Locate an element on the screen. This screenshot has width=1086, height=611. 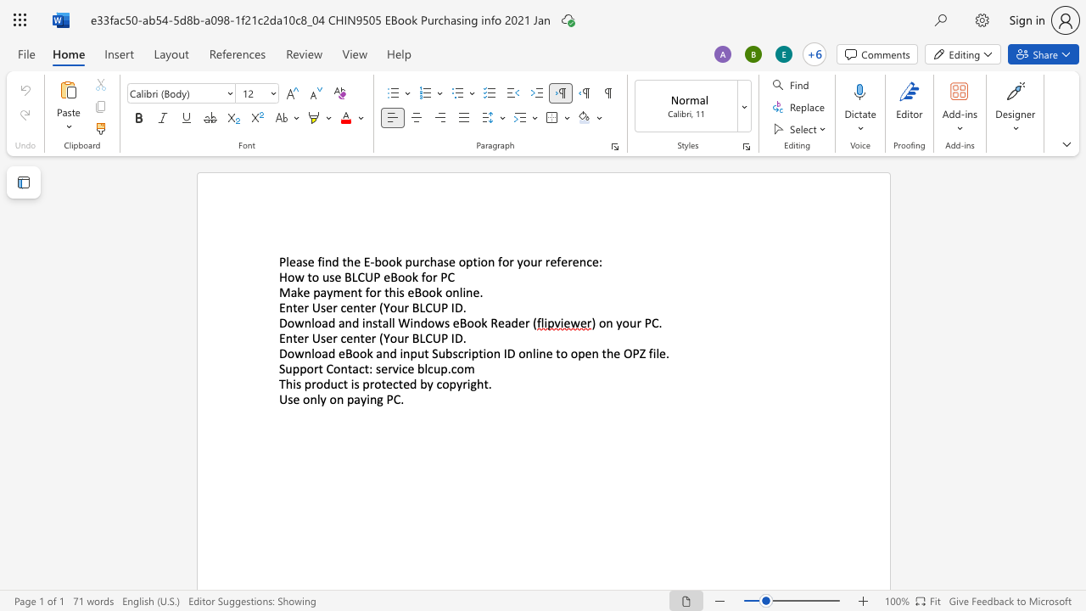
the 2th character "y" in the text is located at coordinates (459, 384).